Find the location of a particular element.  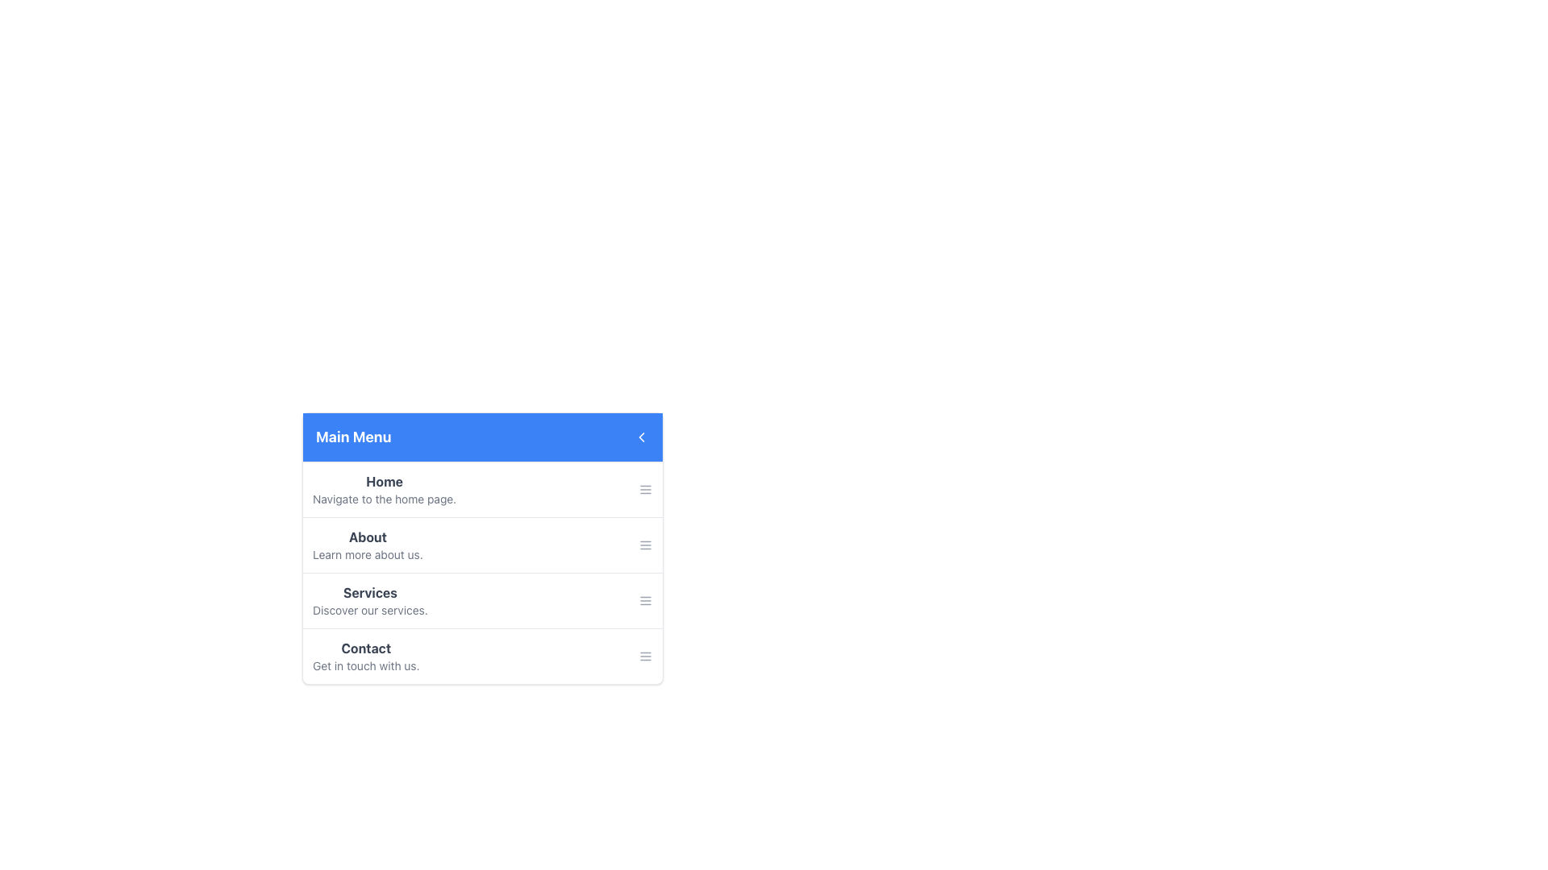

the 'Services' Text Label located in the third row of the Main Menu is located at coordinates (369, 600).